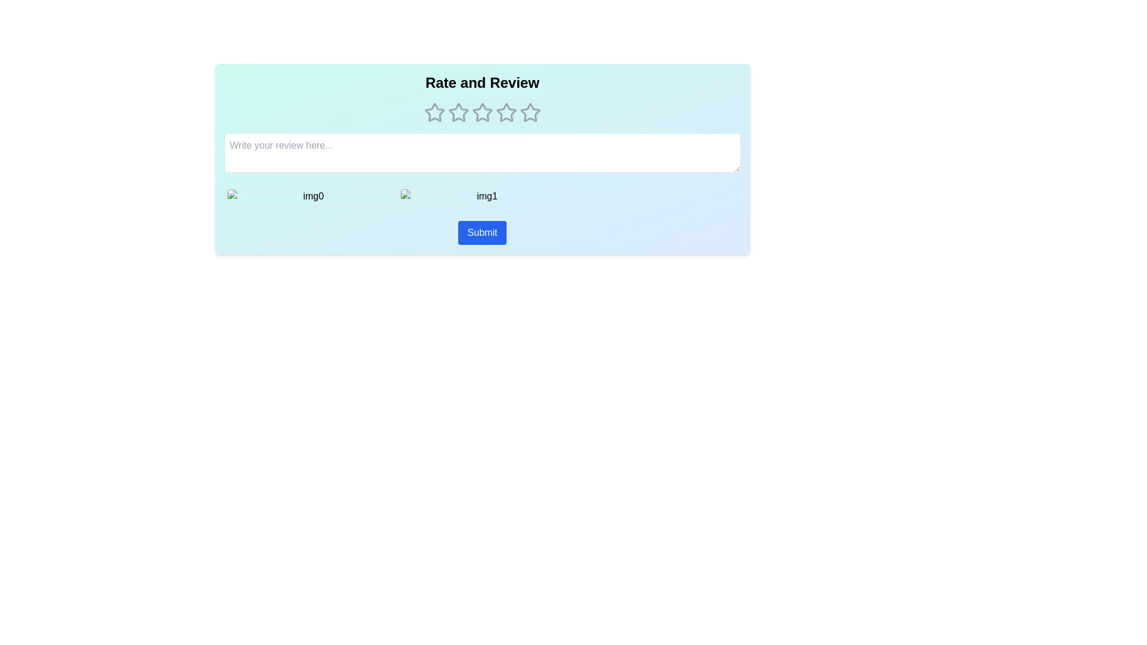  What do you see at coordinates (458, 113) in the screenshot?
I see `the star corresponding to 2 stars to preview the rating` at bounding box center [458, 113].